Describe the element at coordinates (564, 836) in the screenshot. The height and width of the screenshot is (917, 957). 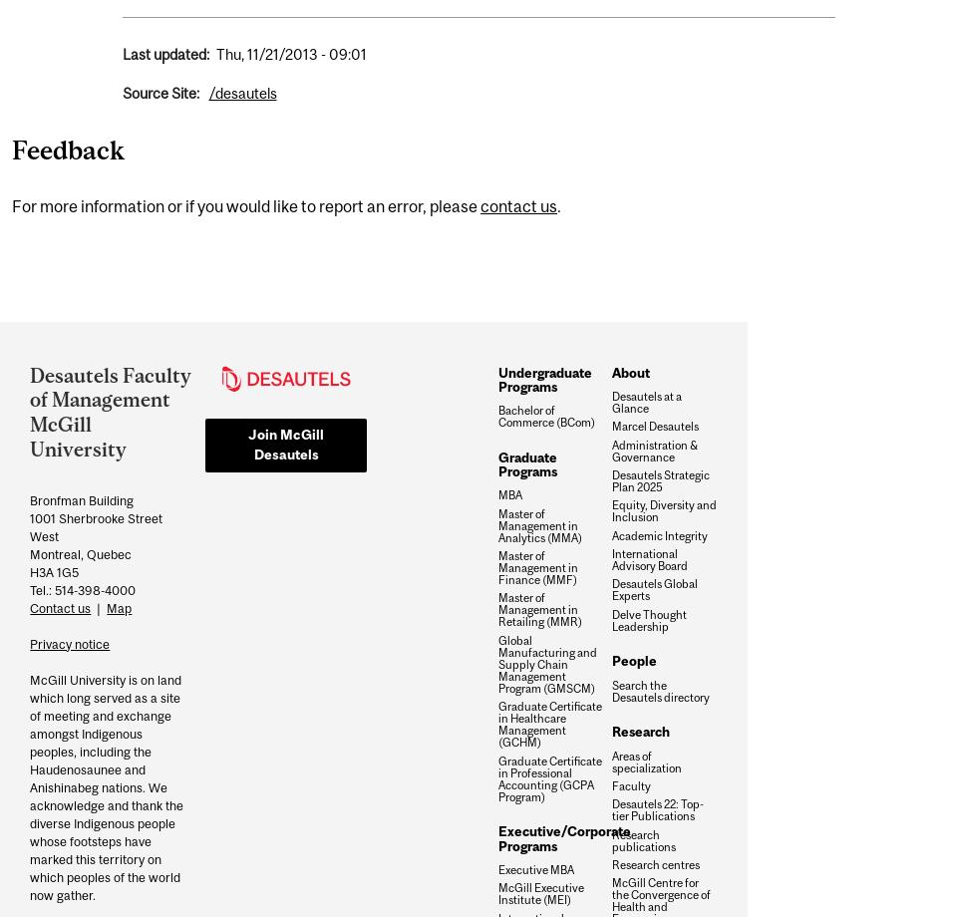
I see `'Executive/Corporate Programs'` at that location.